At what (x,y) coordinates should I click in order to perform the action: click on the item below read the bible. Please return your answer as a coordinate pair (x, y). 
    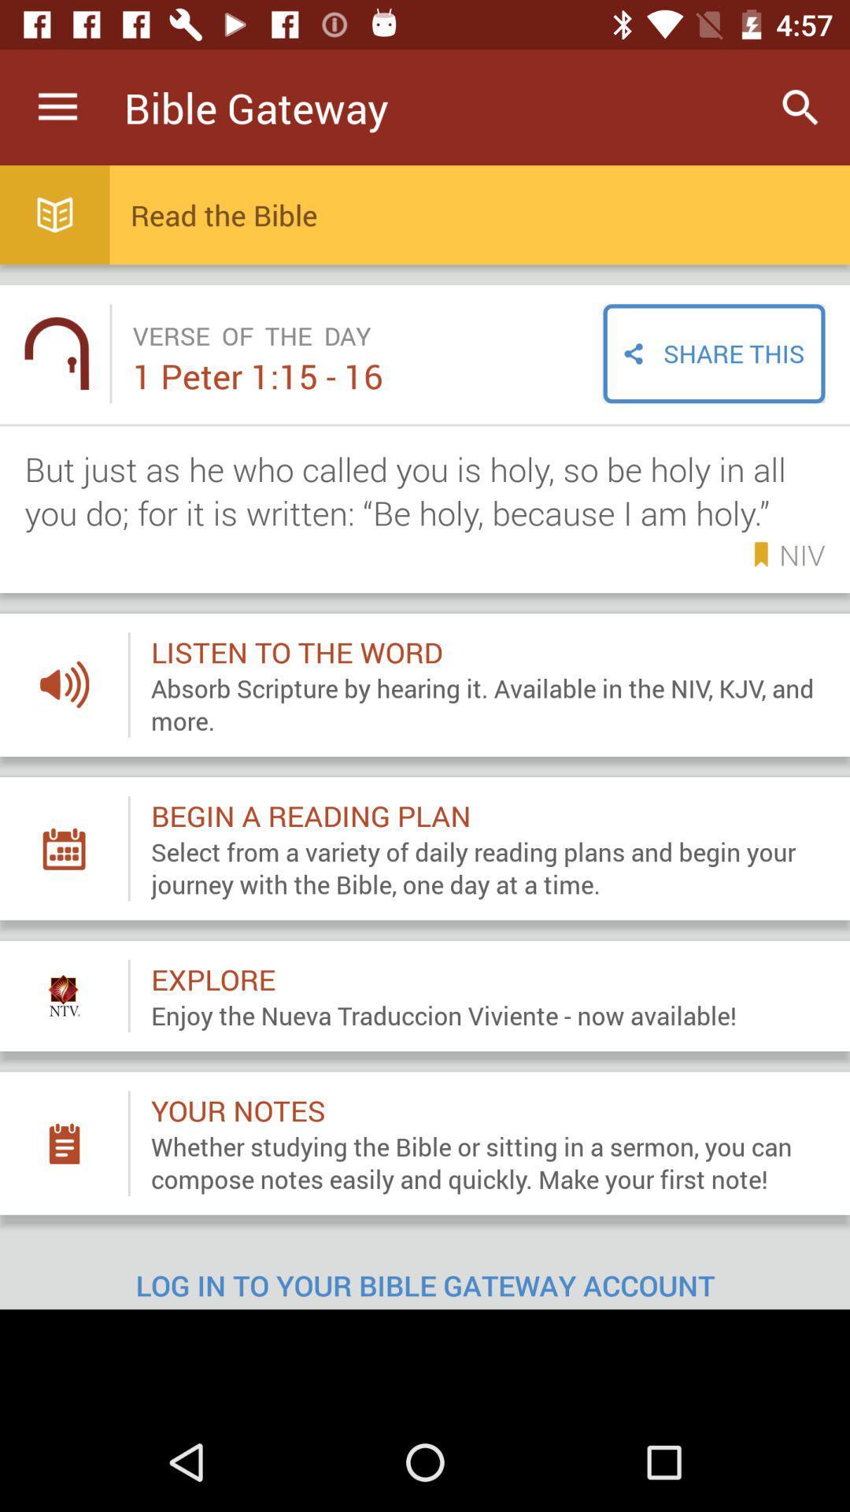
    Looking at the image, I should click on (714, 353).